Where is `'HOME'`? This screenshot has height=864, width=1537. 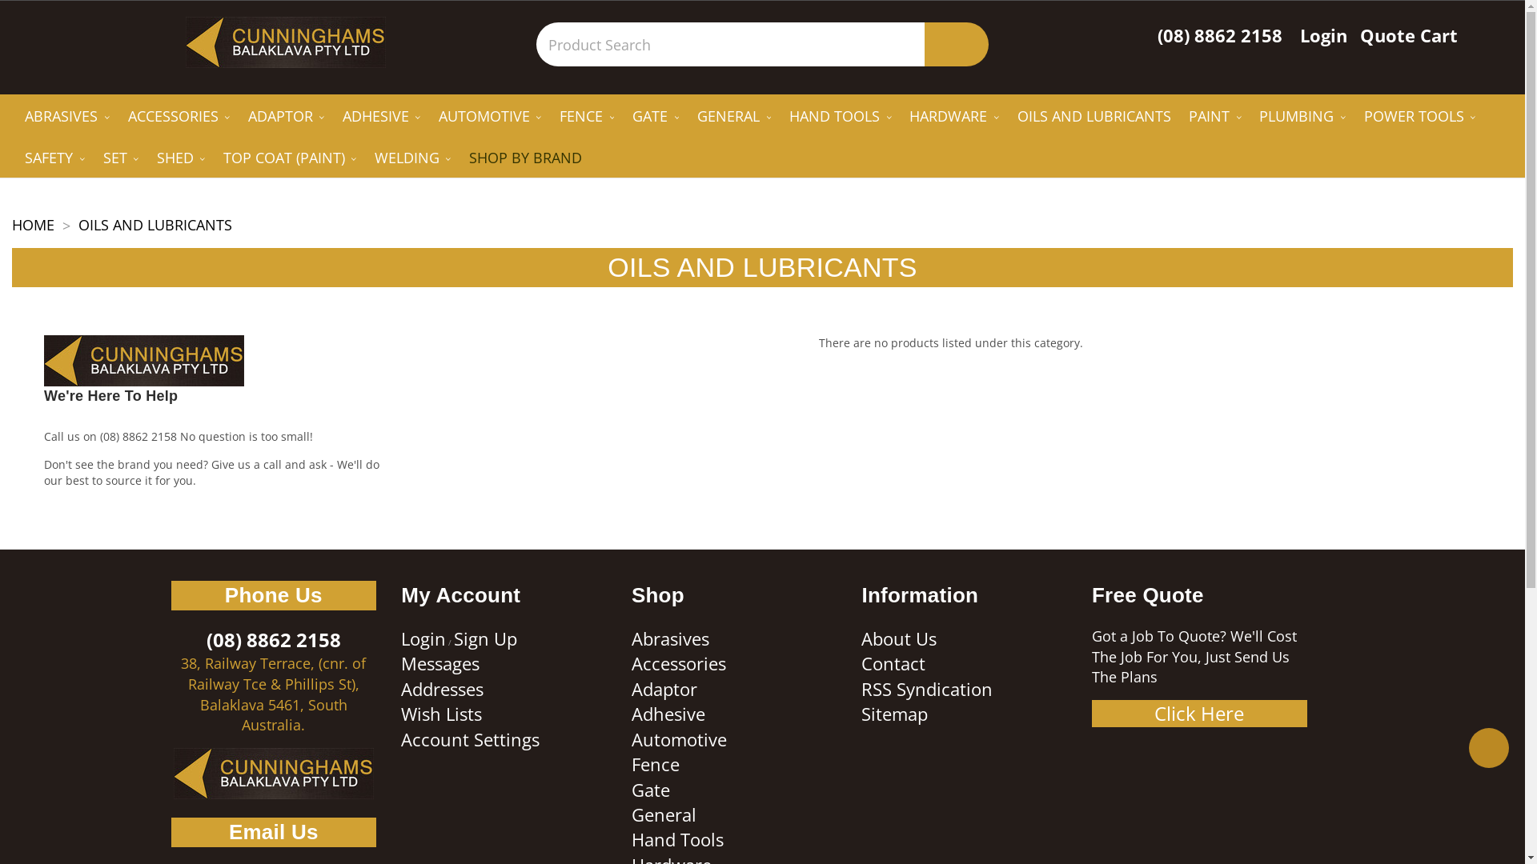 'HOME' is located at coordinates (11, 225).